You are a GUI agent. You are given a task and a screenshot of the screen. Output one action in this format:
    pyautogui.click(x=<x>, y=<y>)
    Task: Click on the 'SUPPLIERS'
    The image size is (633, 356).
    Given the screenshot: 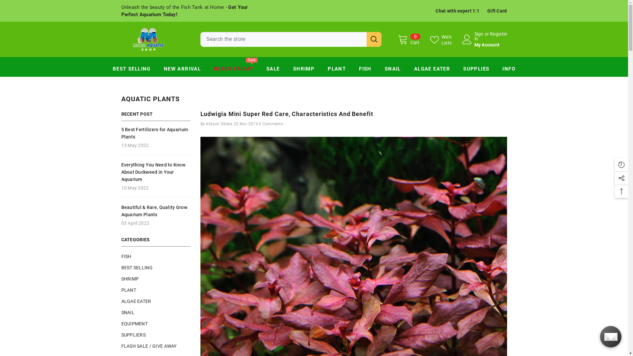 What is the action you would take?
    pyautogui.click(x=121, y=334)
    